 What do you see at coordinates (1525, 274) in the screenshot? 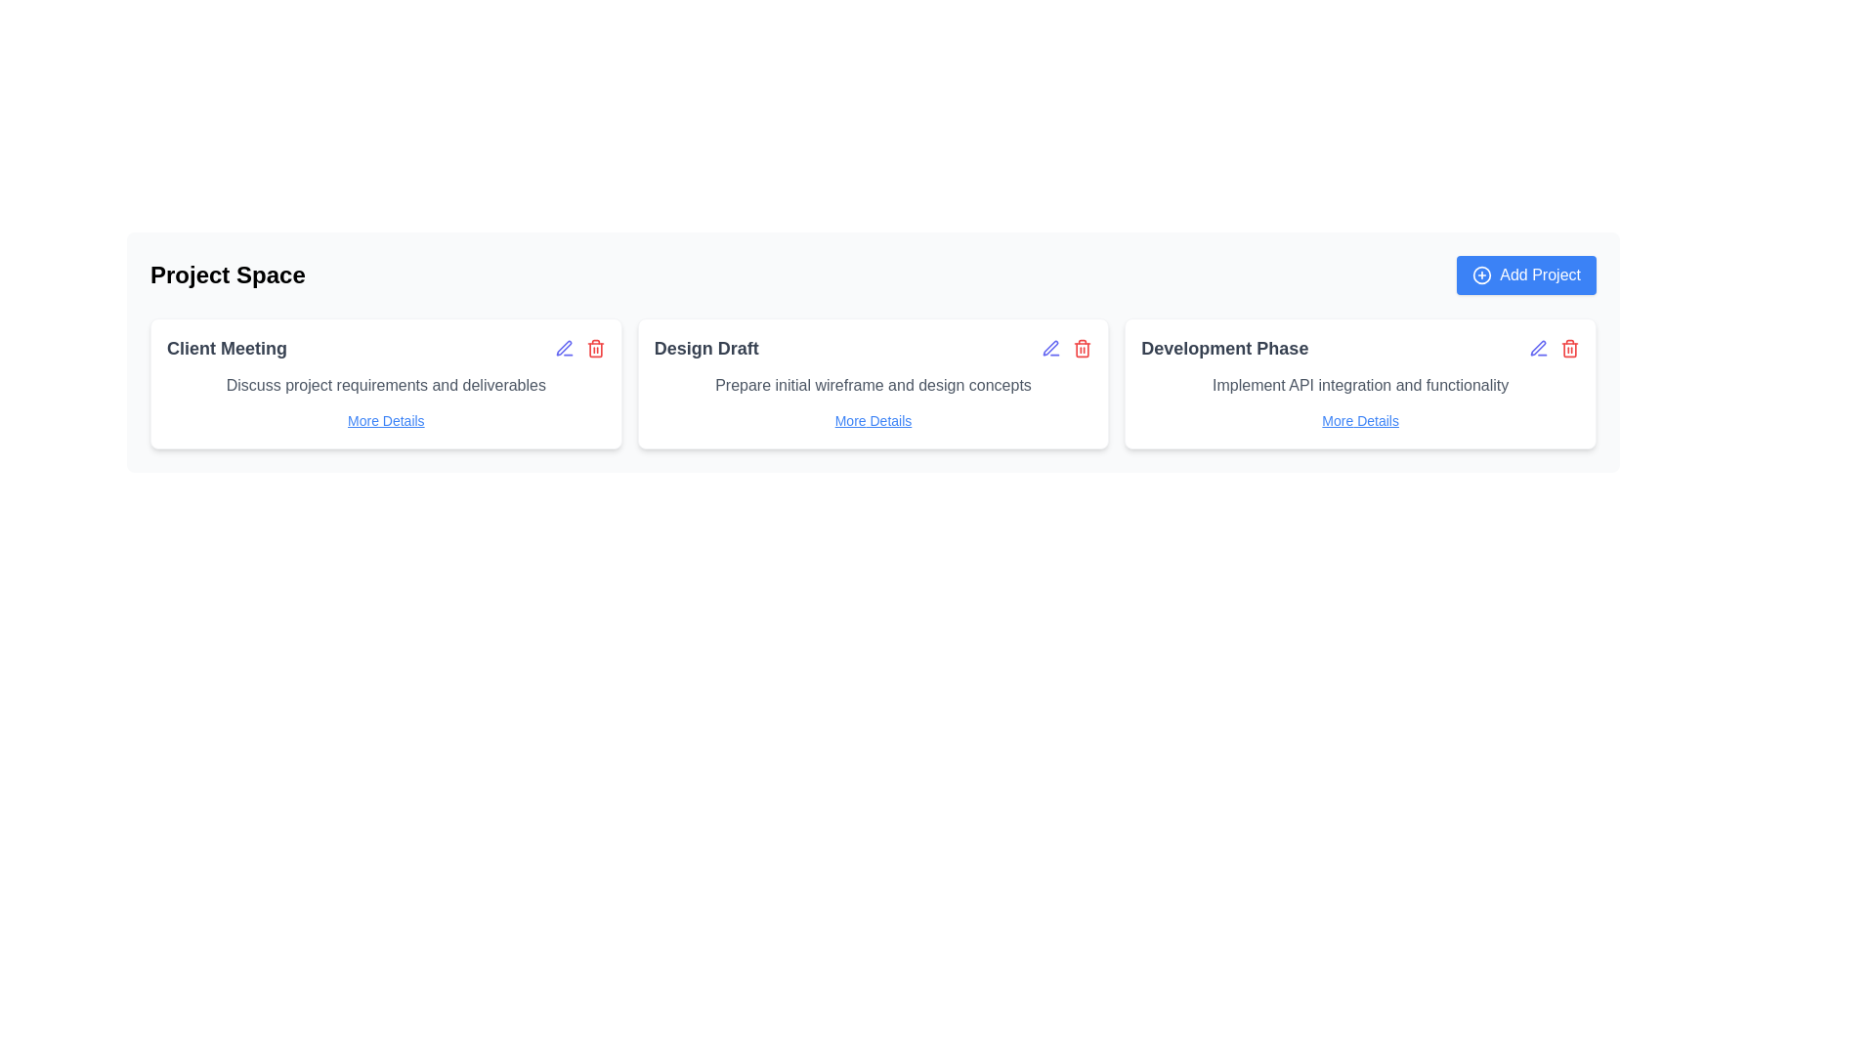
I see `the 'Add Project' button located in the upper-right corner of the 'Project Space' header section` at bounding box center [1525, 274].